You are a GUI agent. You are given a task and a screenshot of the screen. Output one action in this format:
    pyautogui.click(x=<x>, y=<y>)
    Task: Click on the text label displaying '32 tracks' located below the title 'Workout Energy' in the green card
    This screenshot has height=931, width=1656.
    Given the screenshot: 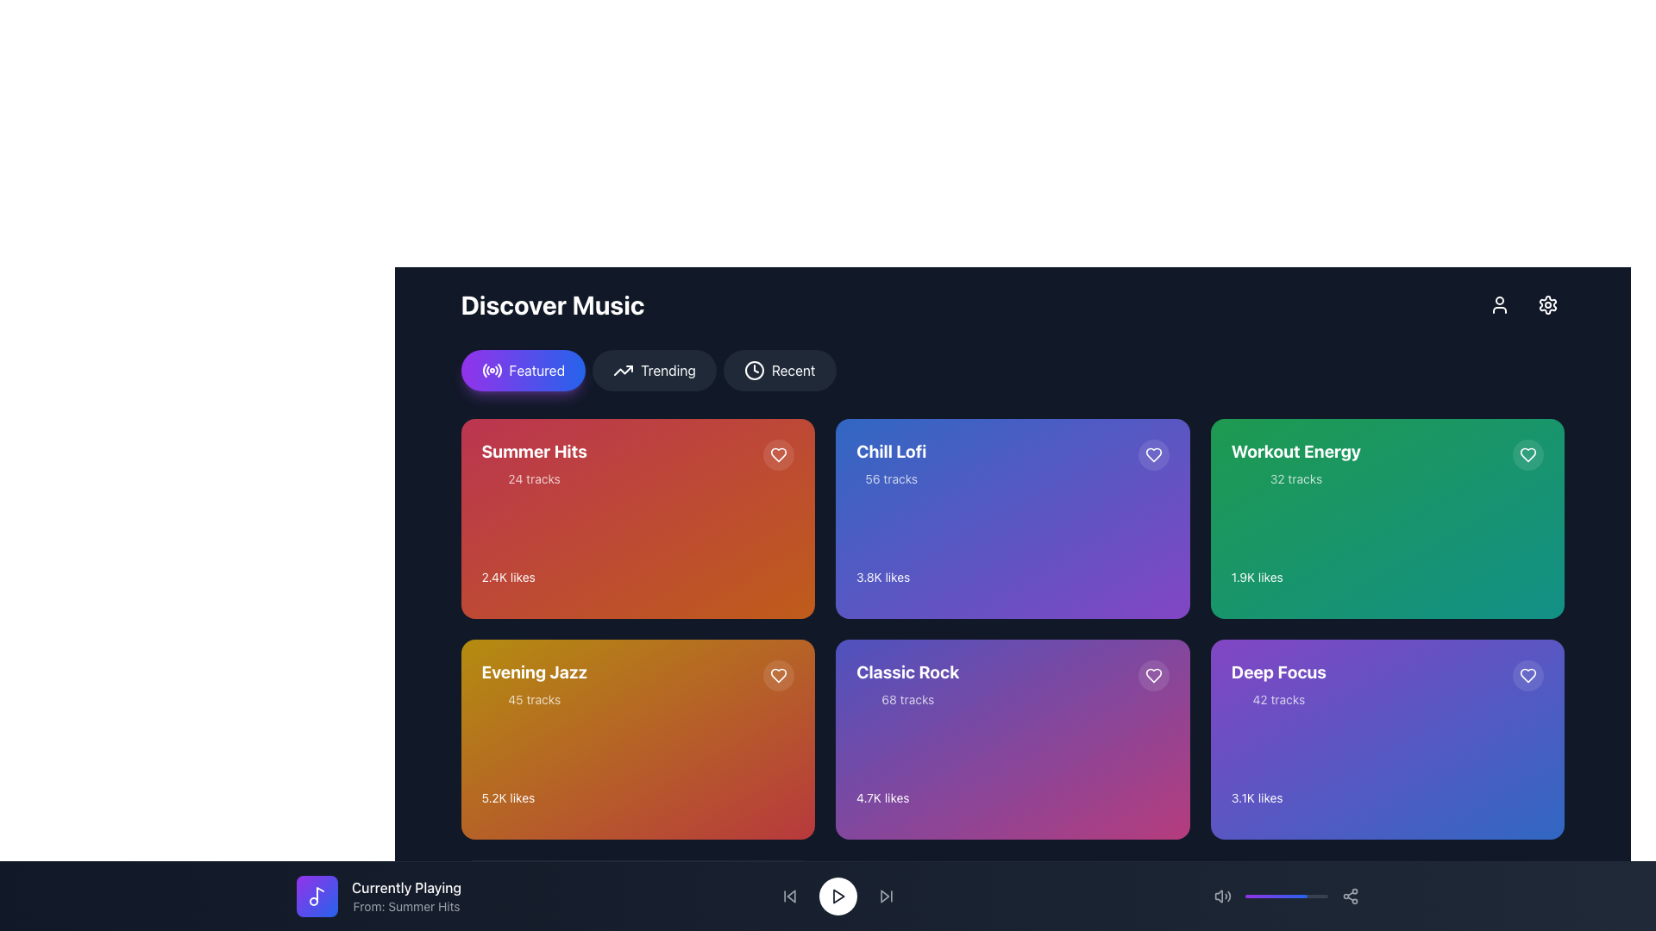 What is the action you would take?
    pyautogui.click(x=1295, y=478)
    